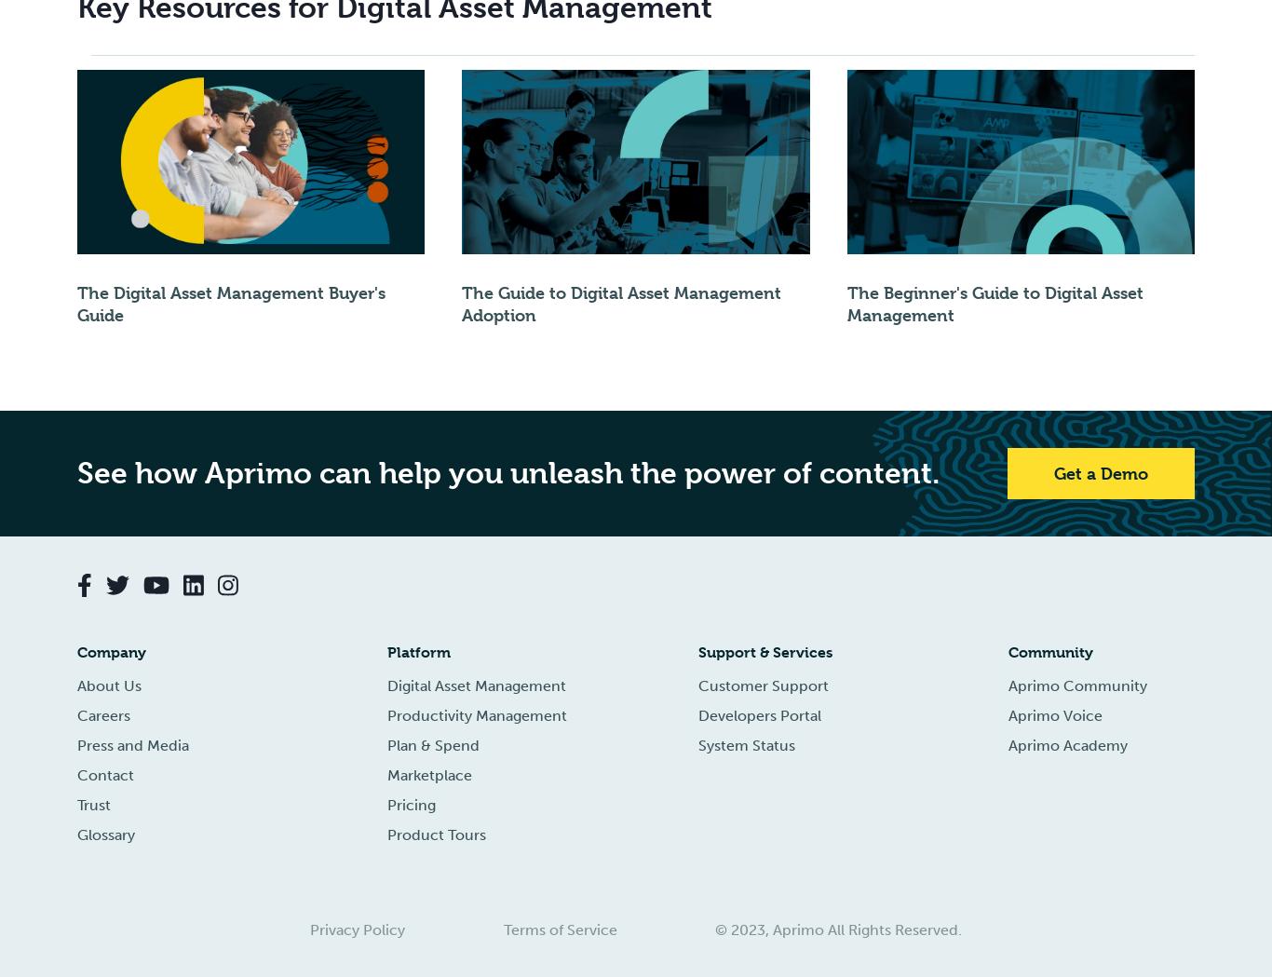 The height and width of the screenshot is (977, 1272). I want to click on 'About Us', so click(108, 685).